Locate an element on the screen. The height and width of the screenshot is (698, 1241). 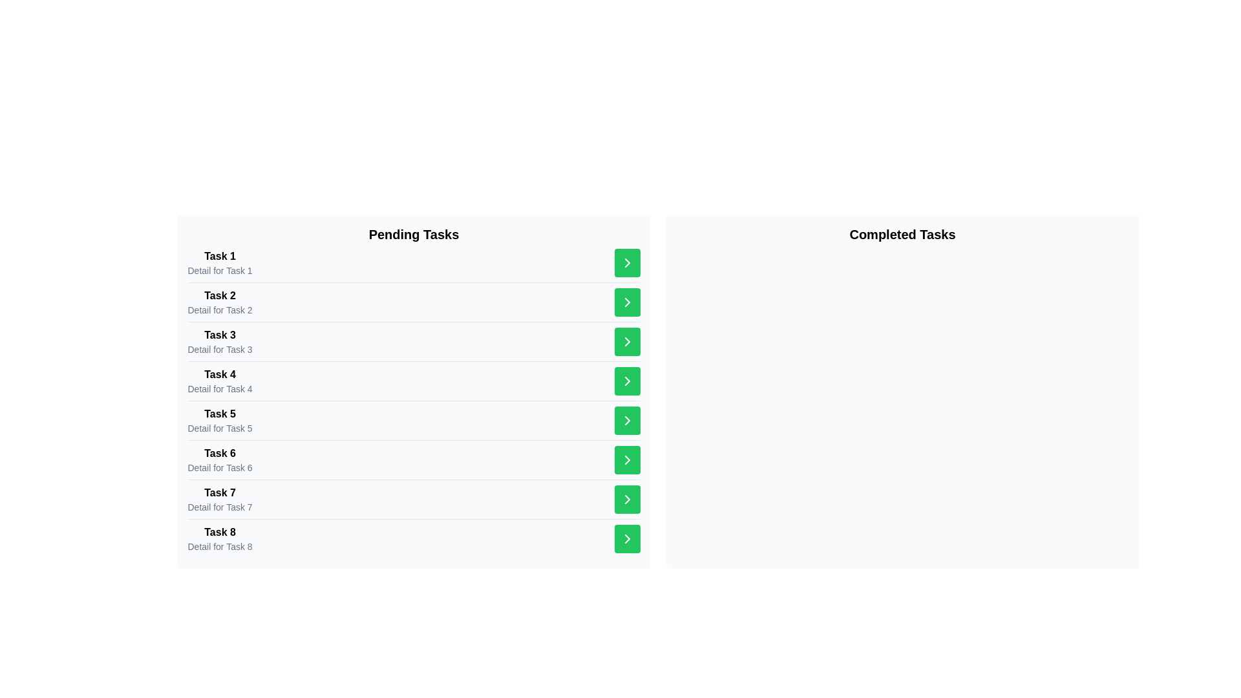
the seventh item in the 'Pending Tasks' list, which provides details about 'Task 7' and includes an actionable button is located at coordinates (414, 498).